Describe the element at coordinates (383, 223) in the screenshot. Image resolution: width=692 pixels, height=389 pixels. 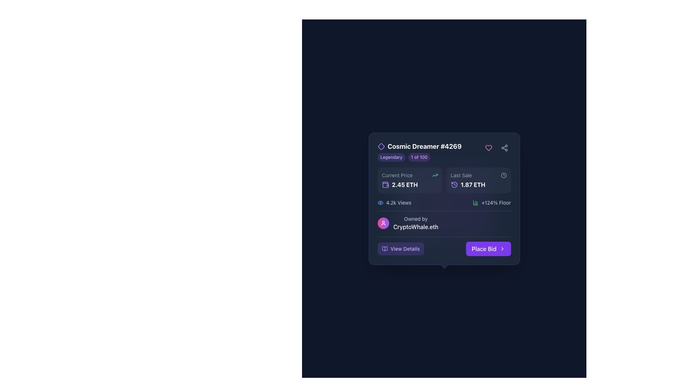
I see `the owner icon located to the left of the text 'Owned by CryptoWhale.eth' for additional details` at that location.